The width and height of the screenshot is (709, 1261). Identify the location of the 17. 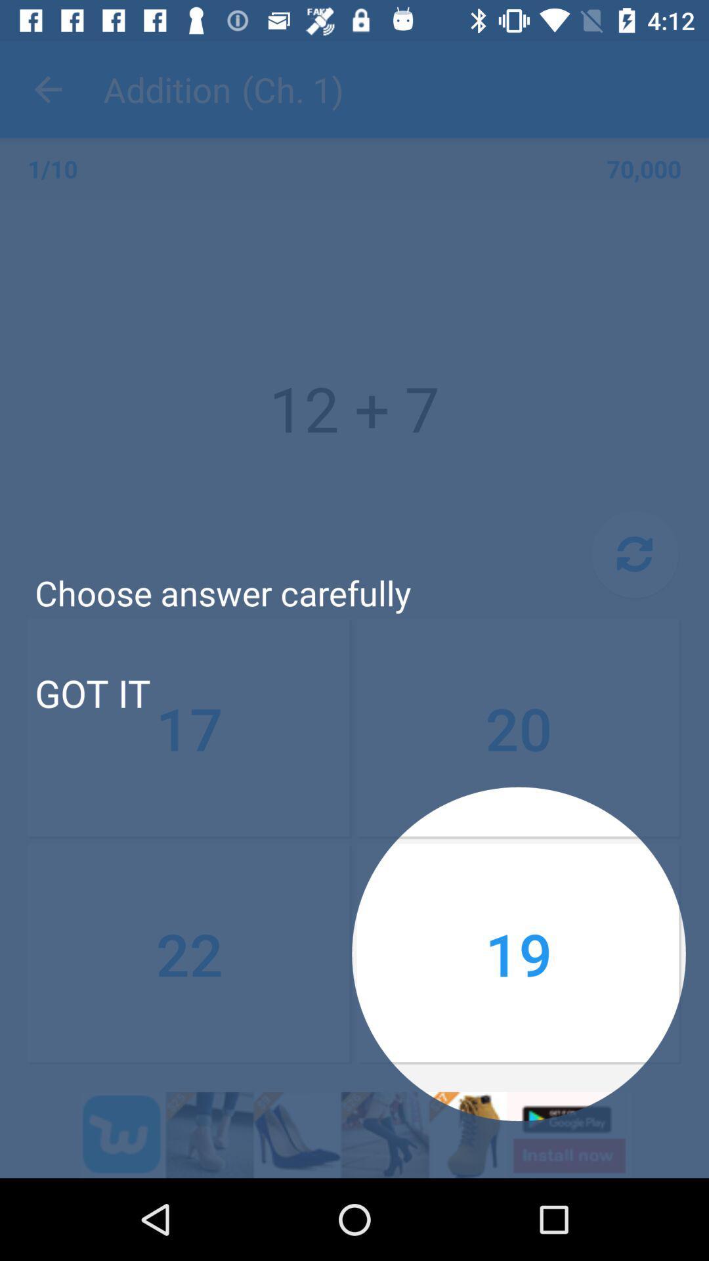
(190, 728).